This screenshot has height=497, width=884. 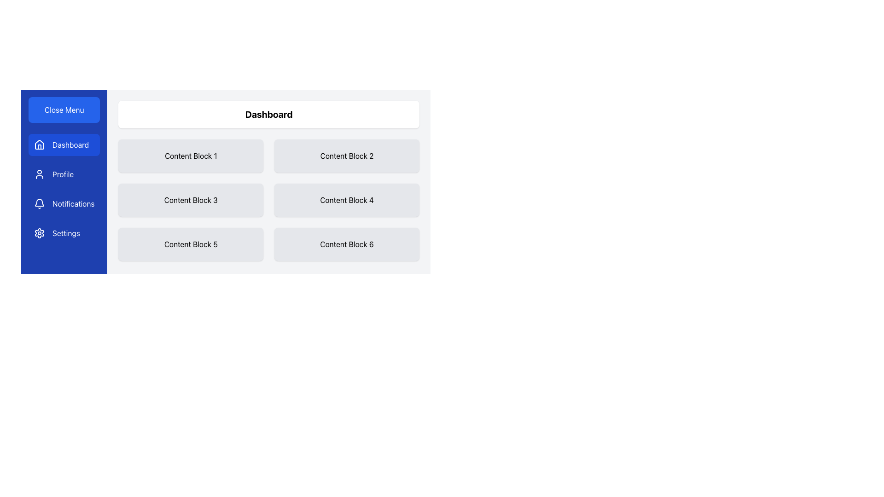 I want to click on the 'Notifications' button, which features a bell icon on the left and the text 'Notifications' styled in white over a blue background, located in the left-side navigation menu, so click(x=64, y=203).